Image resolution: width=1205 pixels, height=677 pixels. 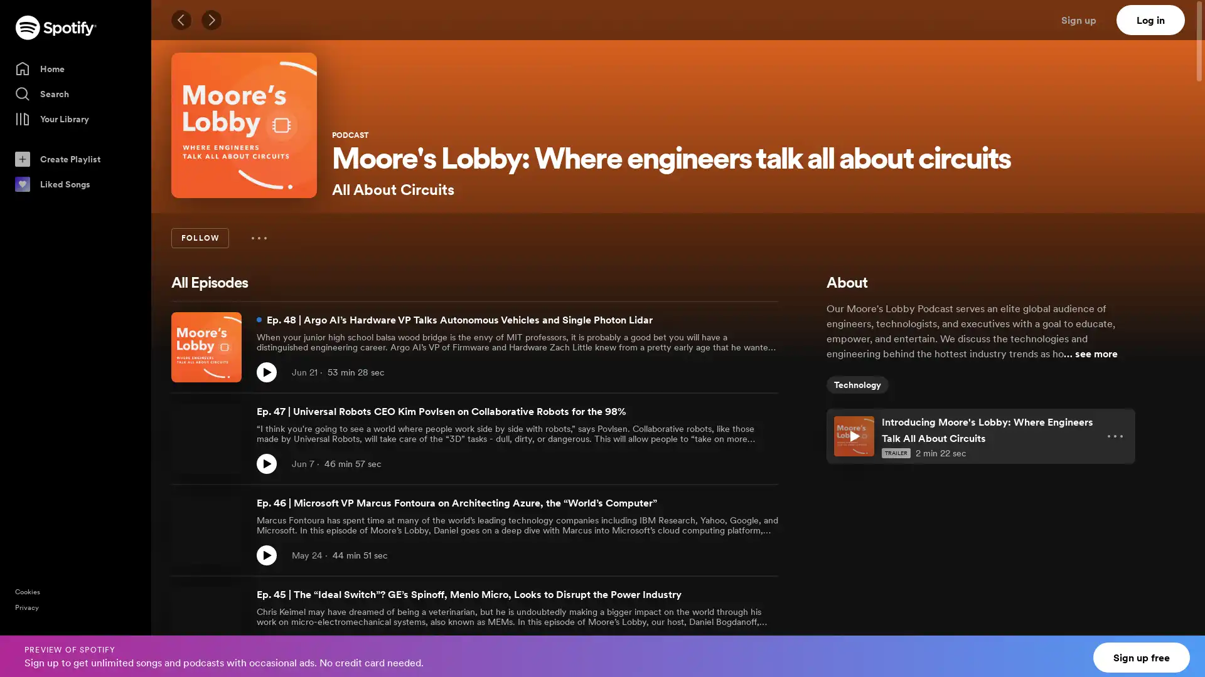 What do you see at coordinates (741, 647) in the screenshot?
I see `Share` at bounding box center [741, 647].